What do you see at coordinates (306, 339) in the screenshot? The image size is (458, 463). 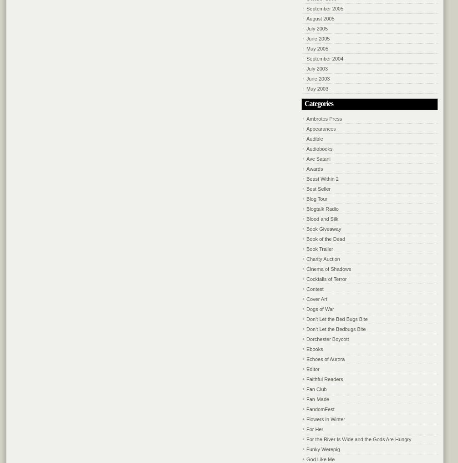 I see `'Dorchester Boycott'` at bounding box center [306, 339].